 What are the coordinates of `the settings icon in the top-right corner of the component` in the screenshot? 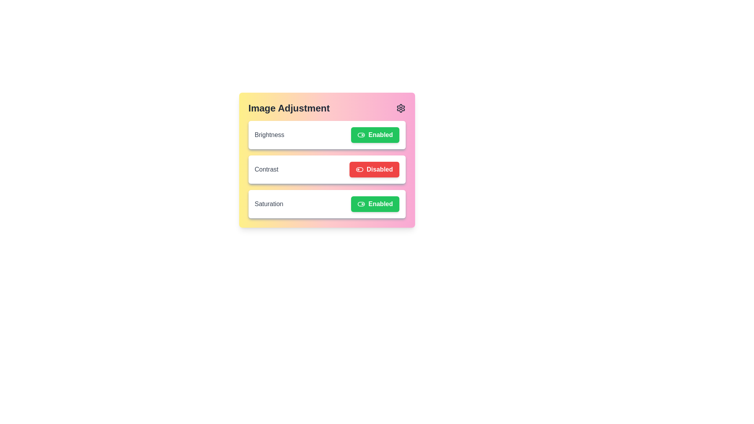 It's located at (401, 108).